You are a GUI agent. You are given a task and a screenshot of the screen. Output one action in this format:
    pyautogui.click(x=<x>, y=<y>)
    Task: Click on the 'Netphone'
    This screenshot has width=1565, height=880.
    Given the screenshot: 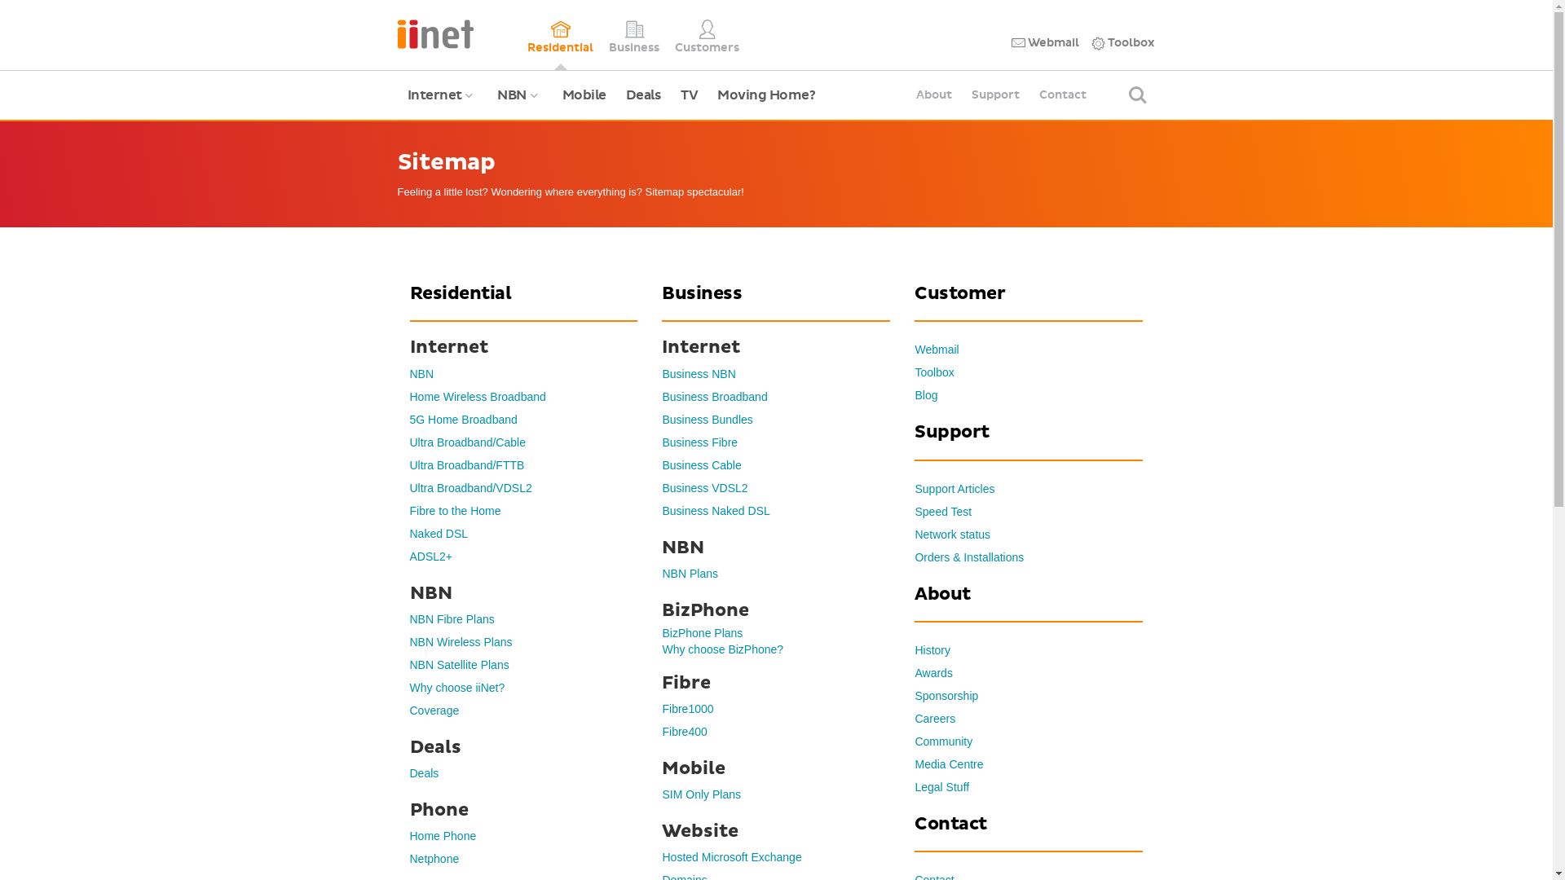 What is the action you would take?
    pyautogui.click(x=434, y=857)
    